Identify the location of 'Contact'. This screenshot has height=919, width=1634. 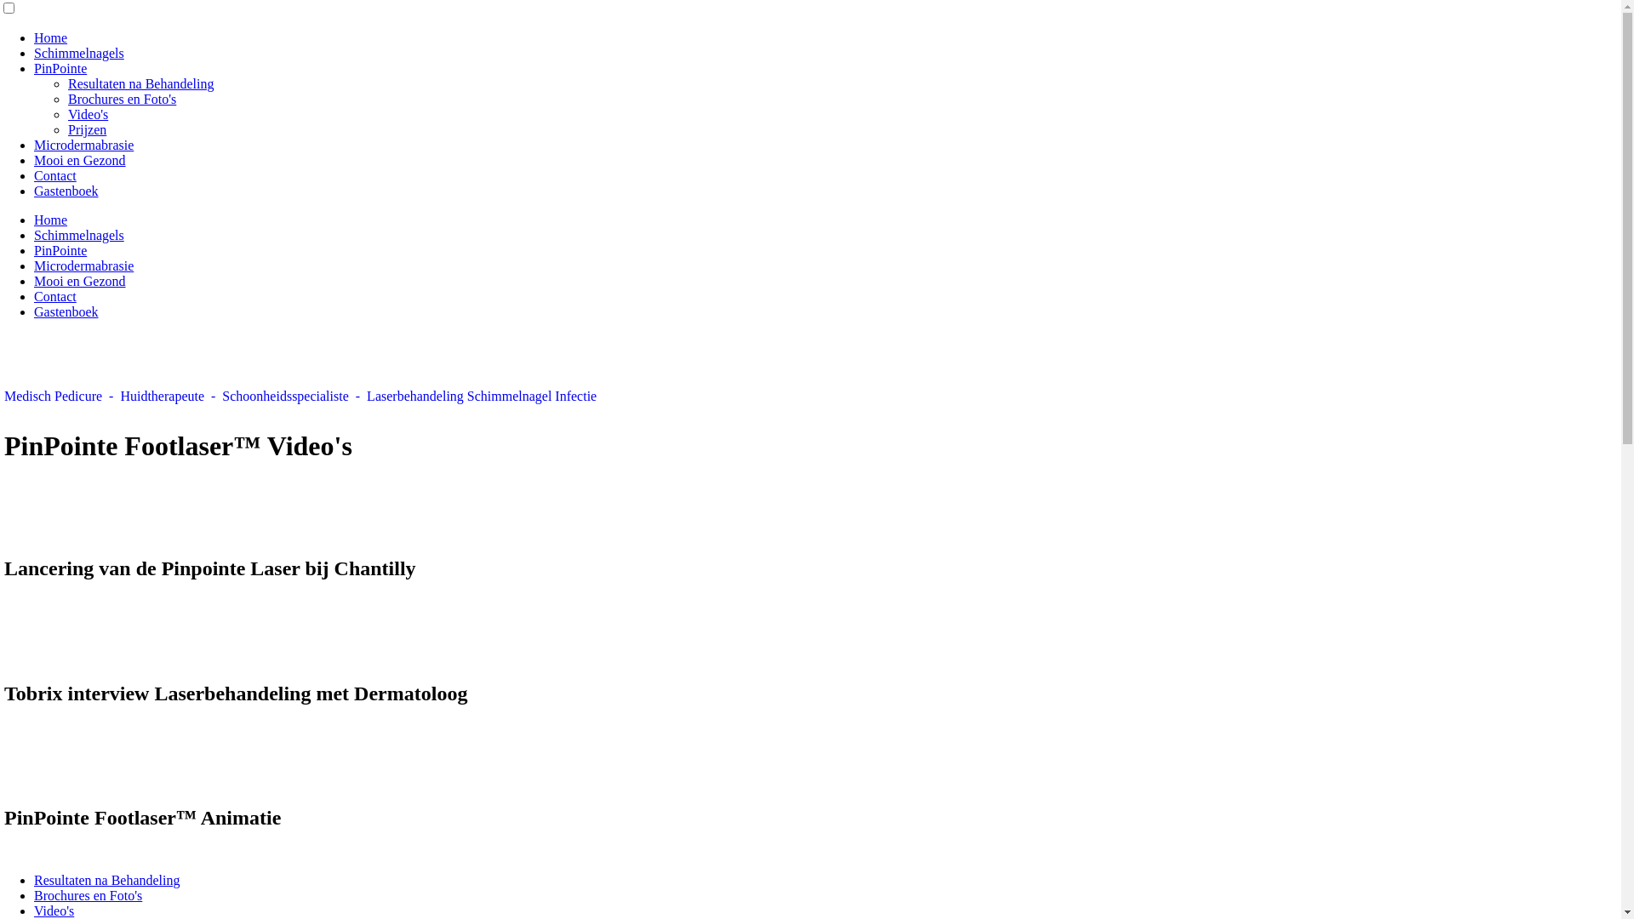
(55, 175).